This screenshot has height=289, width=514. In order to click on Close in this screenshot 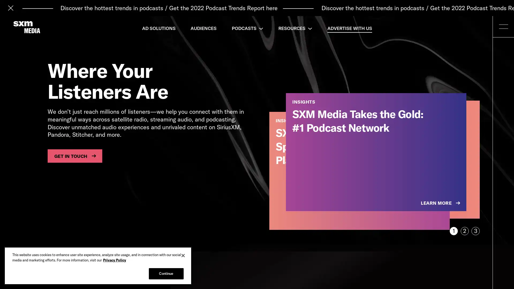, I will do `click(183, 255)`.